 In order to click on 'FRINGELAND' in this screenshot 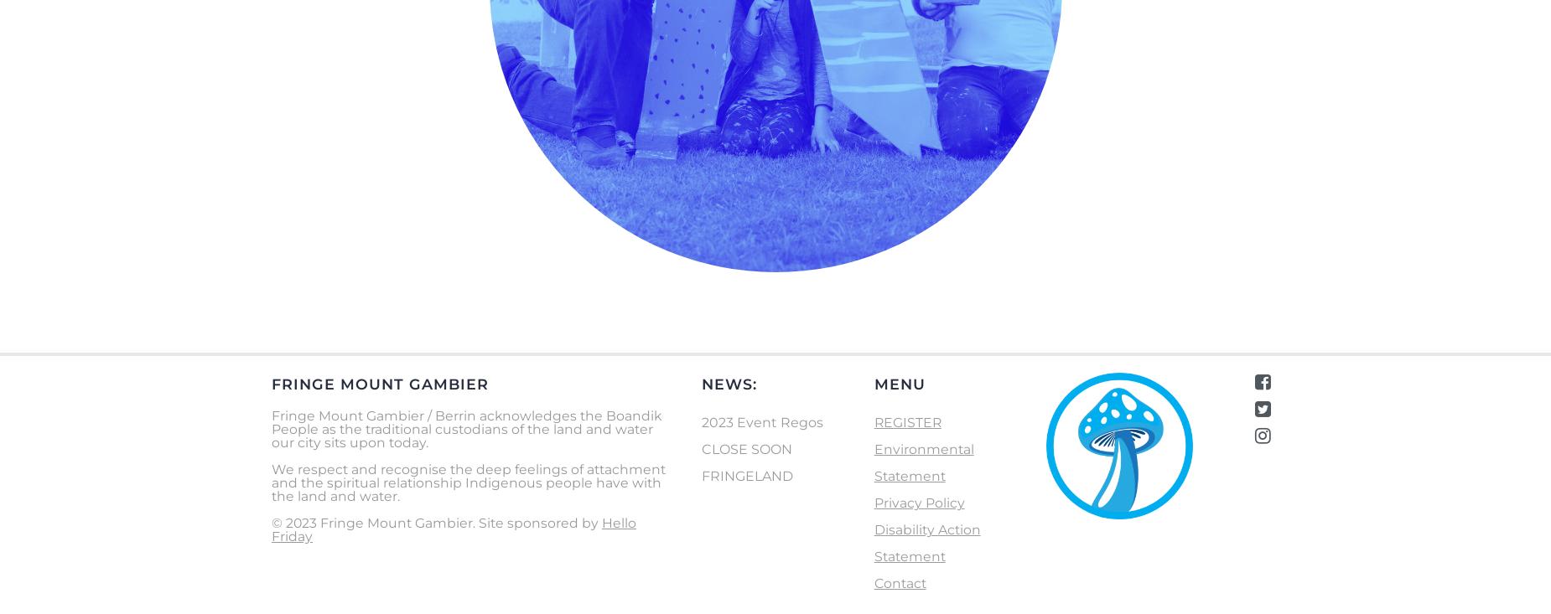, I will do `click(747, 475)`.